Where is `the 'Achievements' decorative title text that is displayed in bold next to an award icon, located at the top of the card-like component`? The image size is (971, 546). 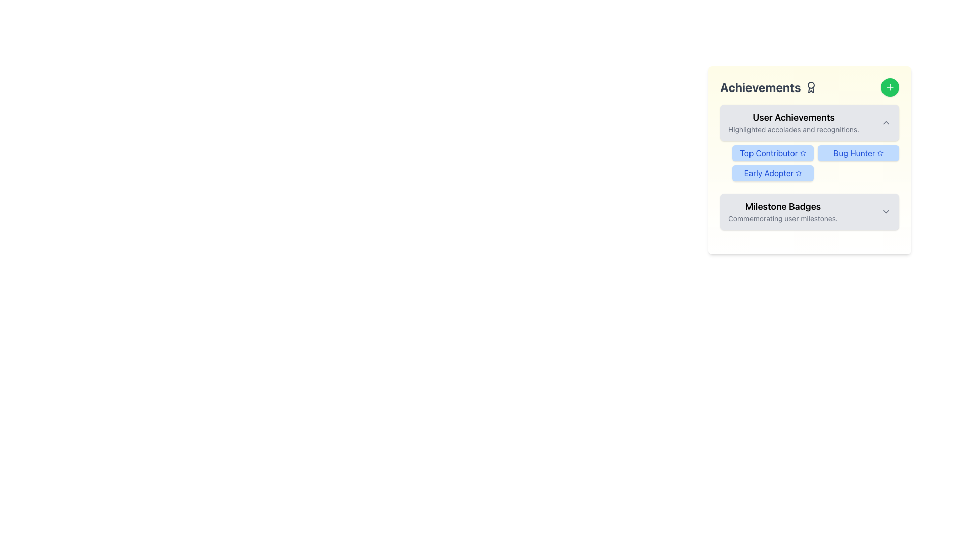 the 'Achievements' decorative title text that is displayed in bold next to an award icon, located at the top of the card-like component is located at coordinates (810, 87).